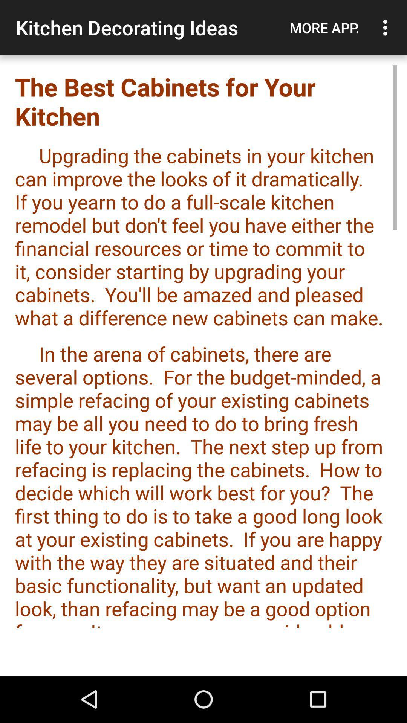  Describe the element at coordinates (387, 27) in the screenshot. I see `the item to the right of the more app. item` at that location.